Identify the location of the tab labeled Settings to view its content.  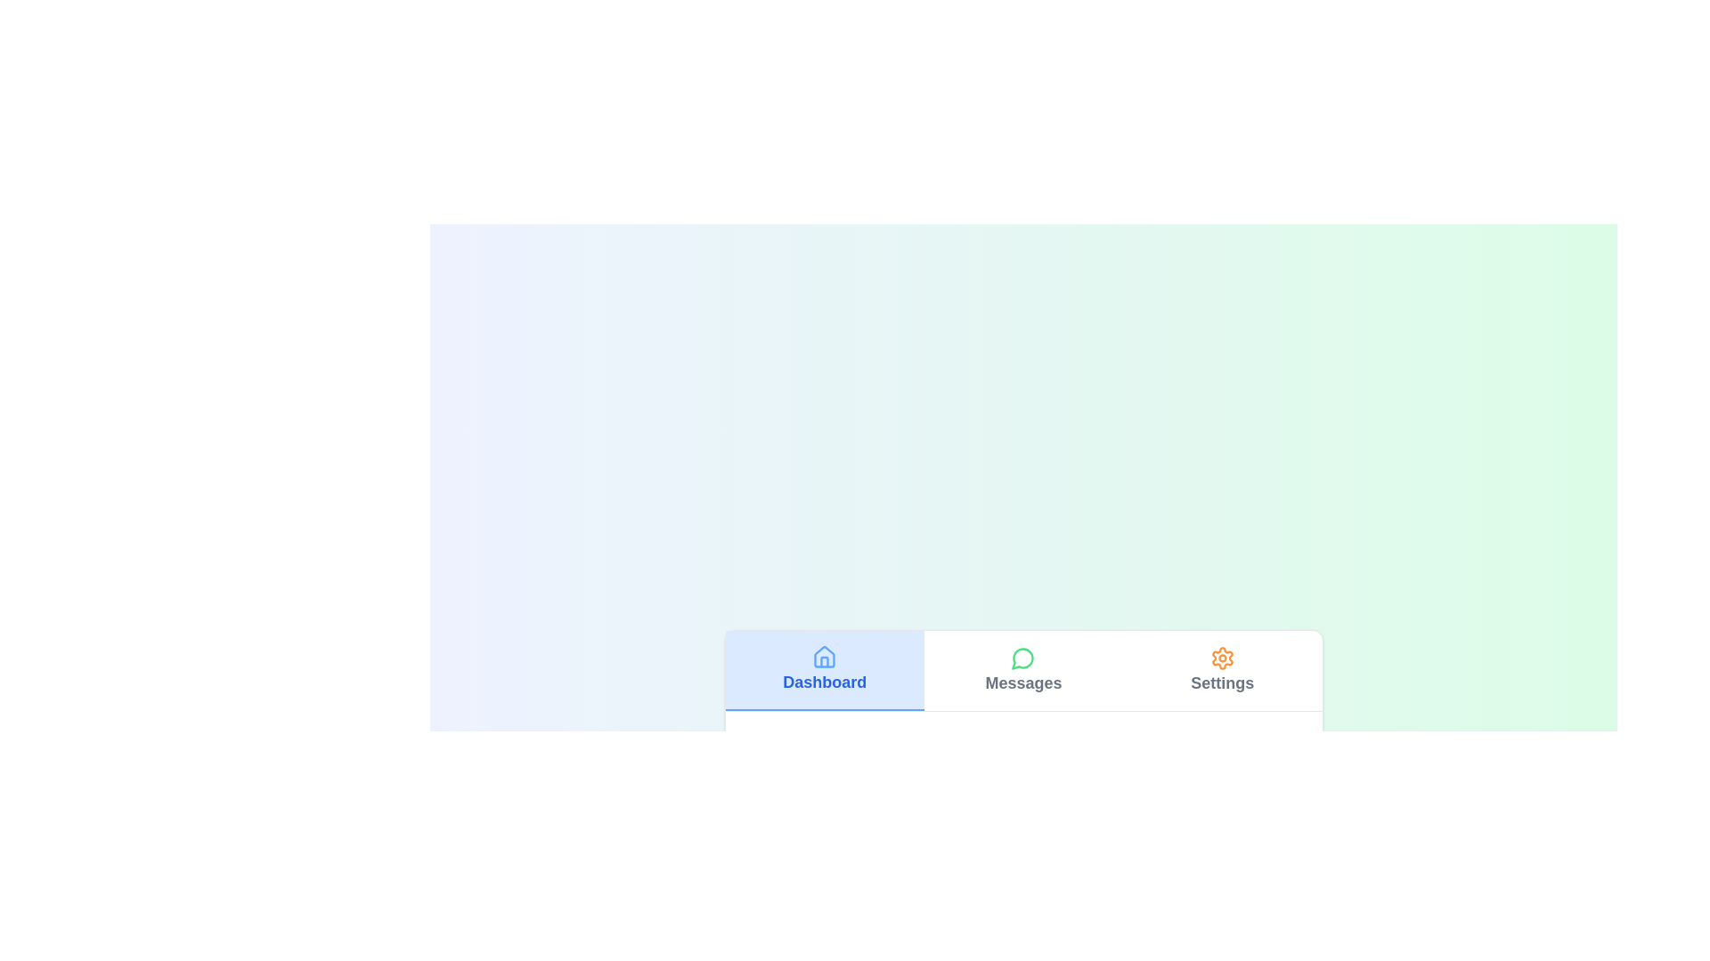
(1221, 670).